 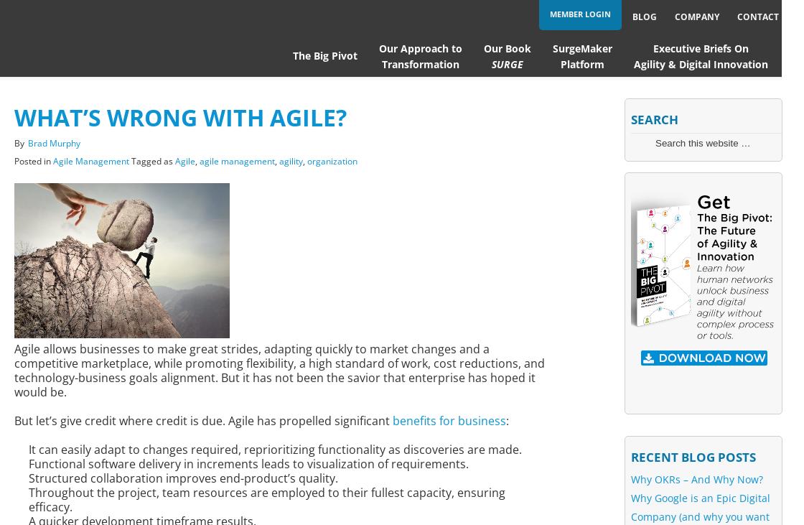 What do you see at coordinates (757, 16) in the screenshot?
I see `'CONTACT'` at bounding box center [757, 16].